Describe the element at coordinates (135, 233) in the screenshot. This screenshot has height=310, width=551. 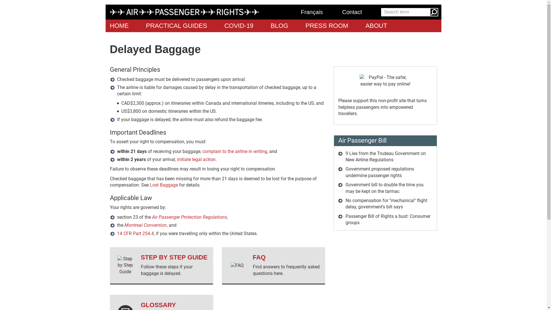
I see `'14 CFR Part 254.4'` at that location.